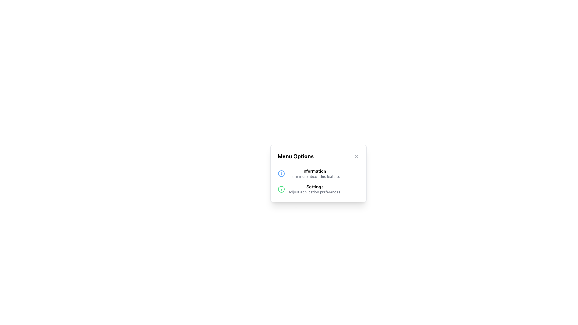  I want to click on the 'X' icon within the button located at the top-right corner of the 'Menu Options' panel, so click(356, 156).